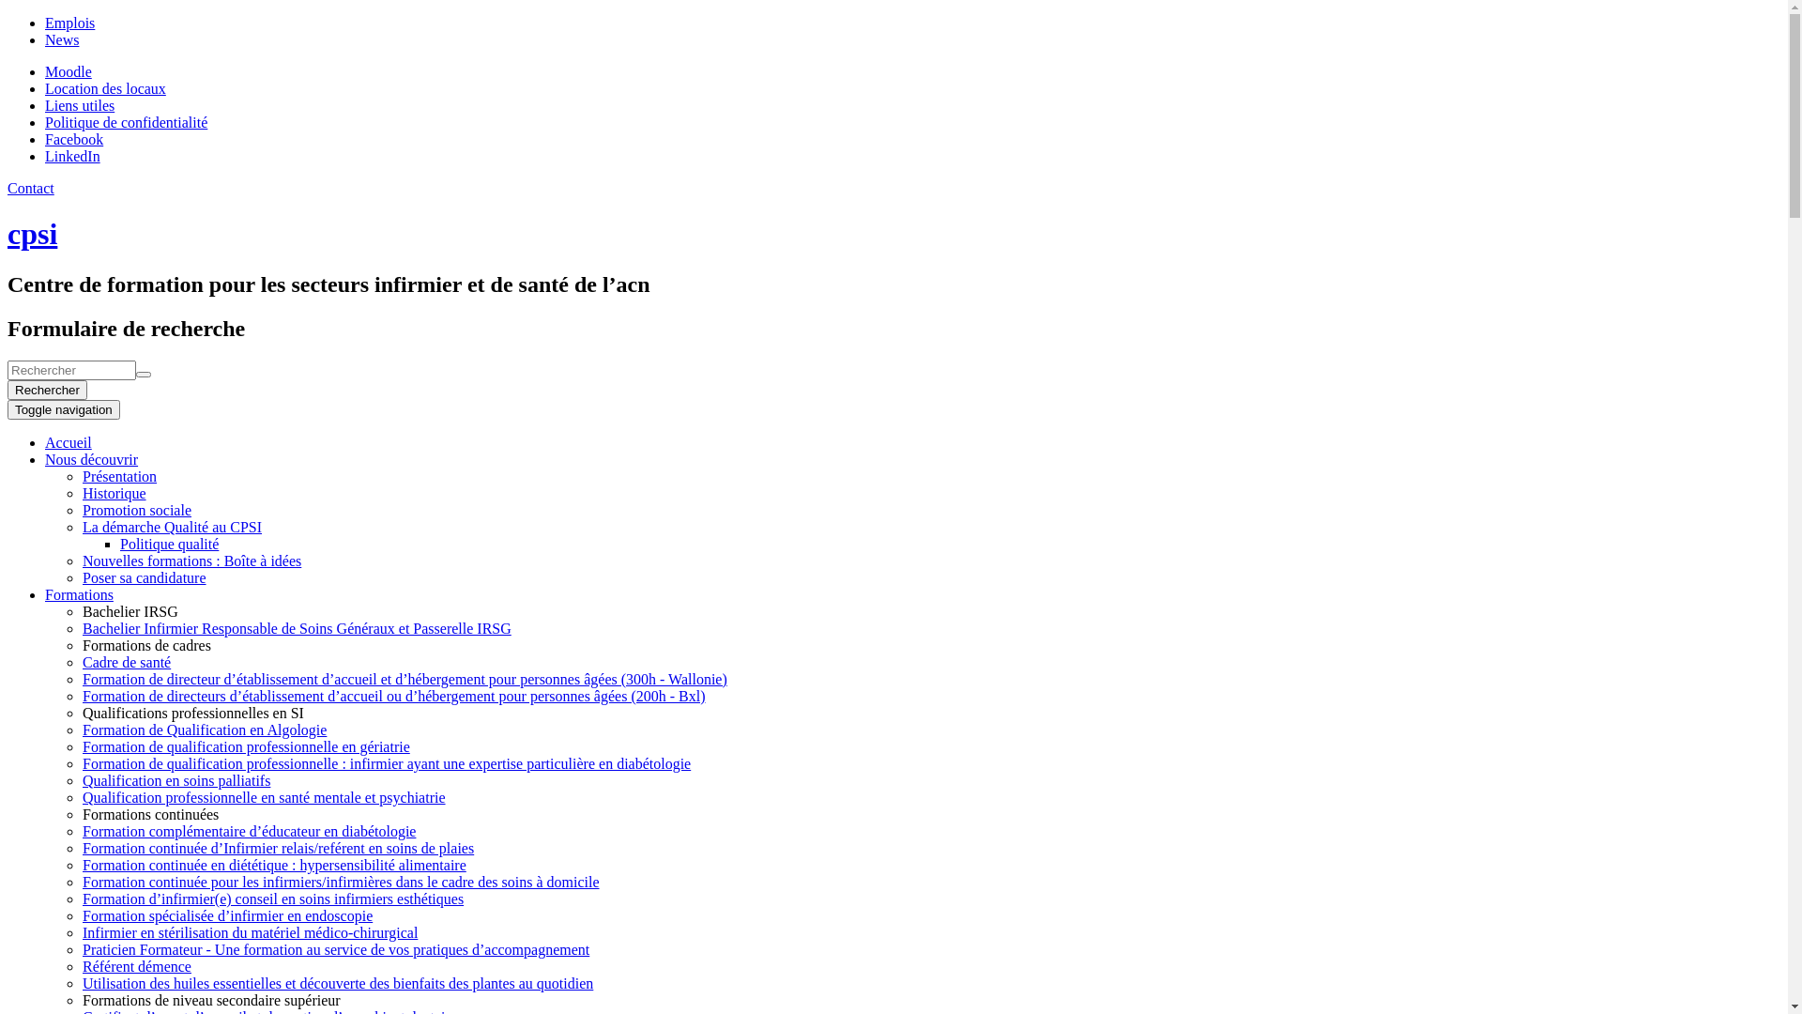 The height and width of the screenshot is (1014, 1802). What do you see at coordinates (81, 510) in the screenshot?
I see `'Promotion sociale'` at bounding box center [81, 510].